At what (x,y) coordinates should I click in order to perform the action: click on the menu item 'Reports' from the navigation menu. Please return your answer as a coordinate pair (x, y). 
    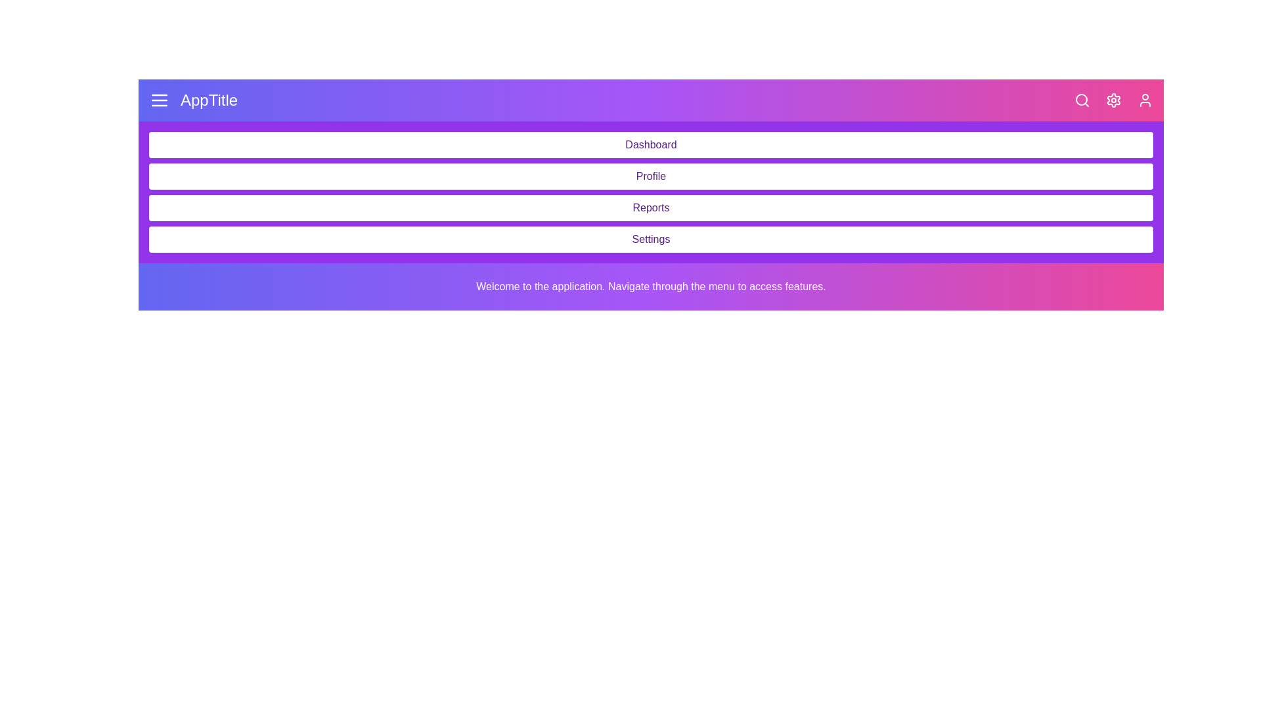
    Looking at the image, I should click on (651, 207).